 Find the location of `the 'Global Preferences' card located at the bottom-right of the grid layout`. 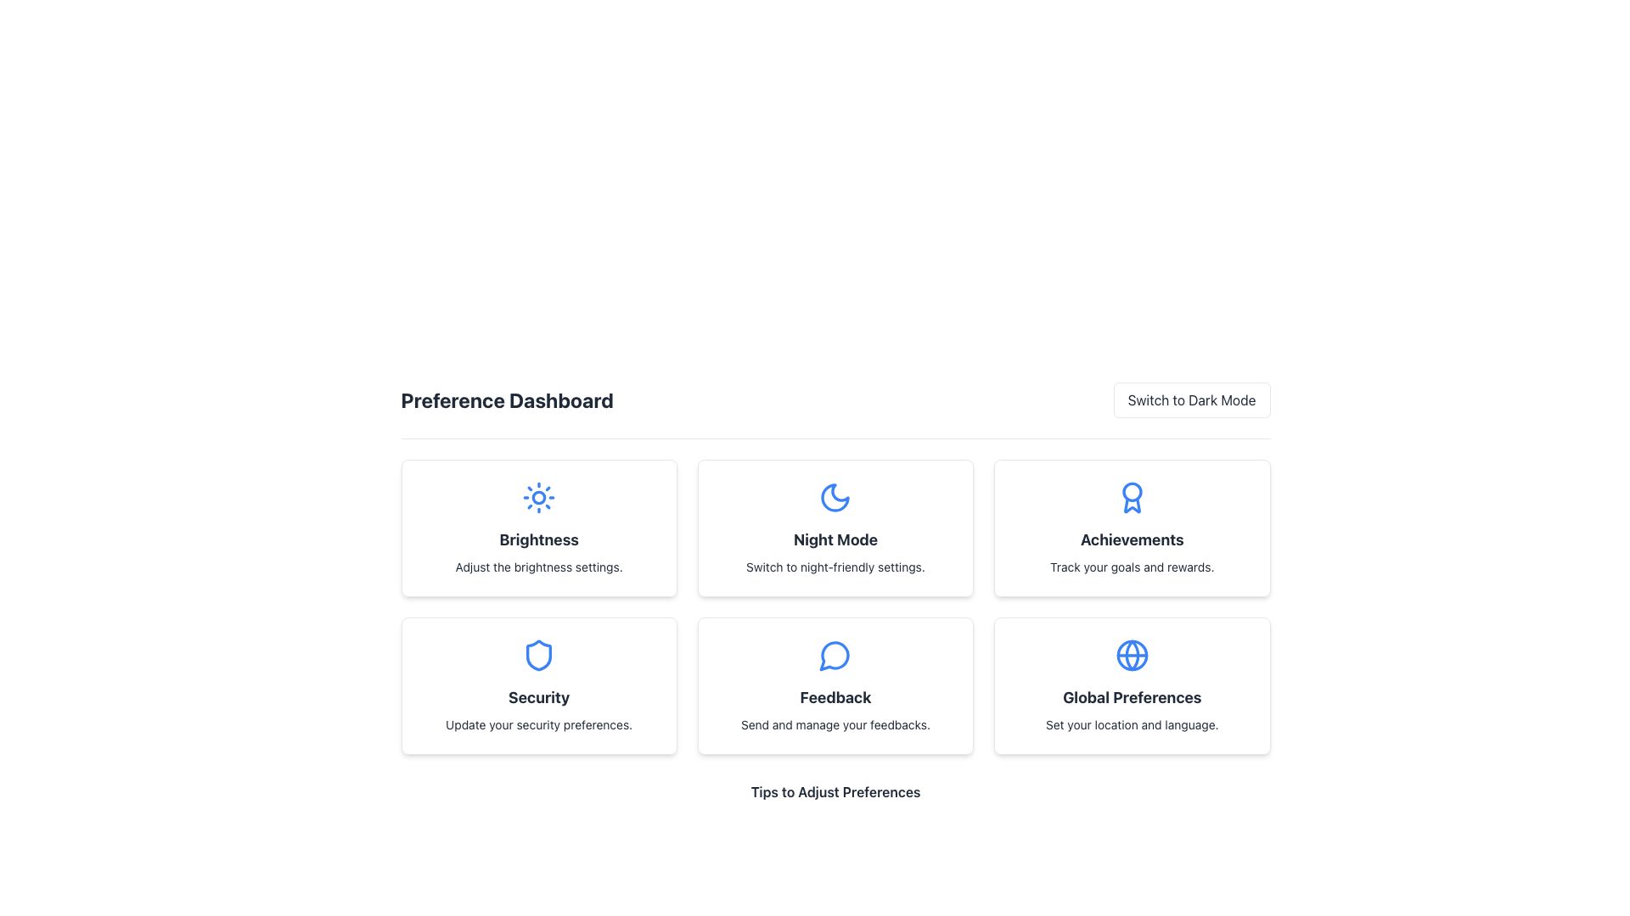

the 'Global Preferences' card located at the bottom-right of the grid layout is located at coordinates (1132, 685).